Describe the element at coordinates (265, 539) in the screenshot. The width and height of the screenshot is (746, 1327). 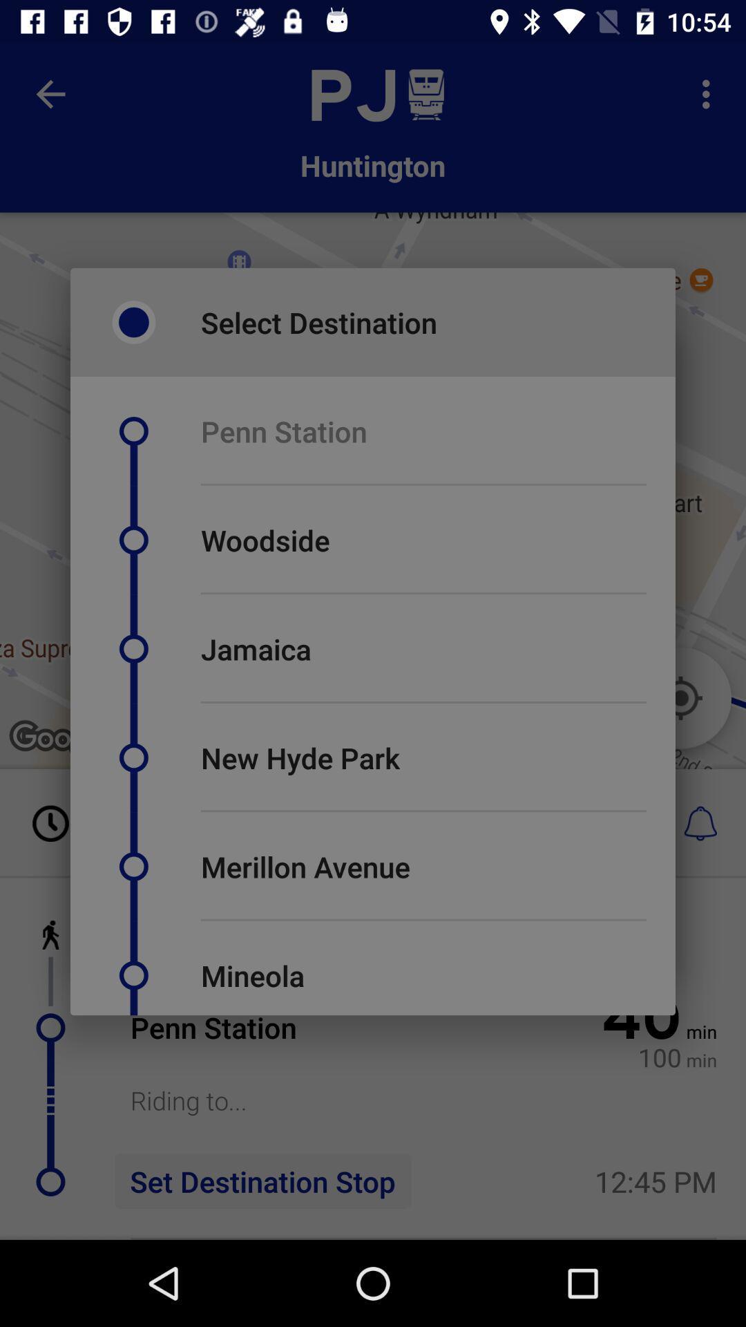
I see `woodside` at that location.